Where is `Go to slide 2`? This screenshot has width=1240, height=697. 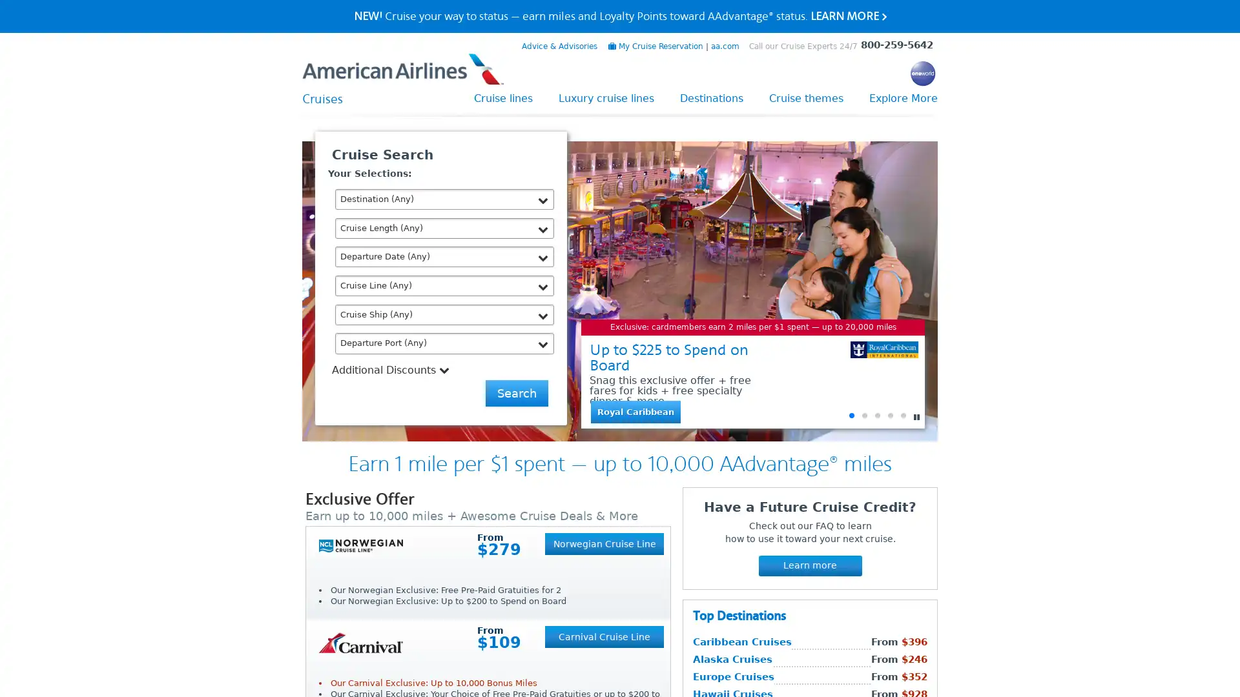
Go to slide 2 is located at coordinates (864, 416).